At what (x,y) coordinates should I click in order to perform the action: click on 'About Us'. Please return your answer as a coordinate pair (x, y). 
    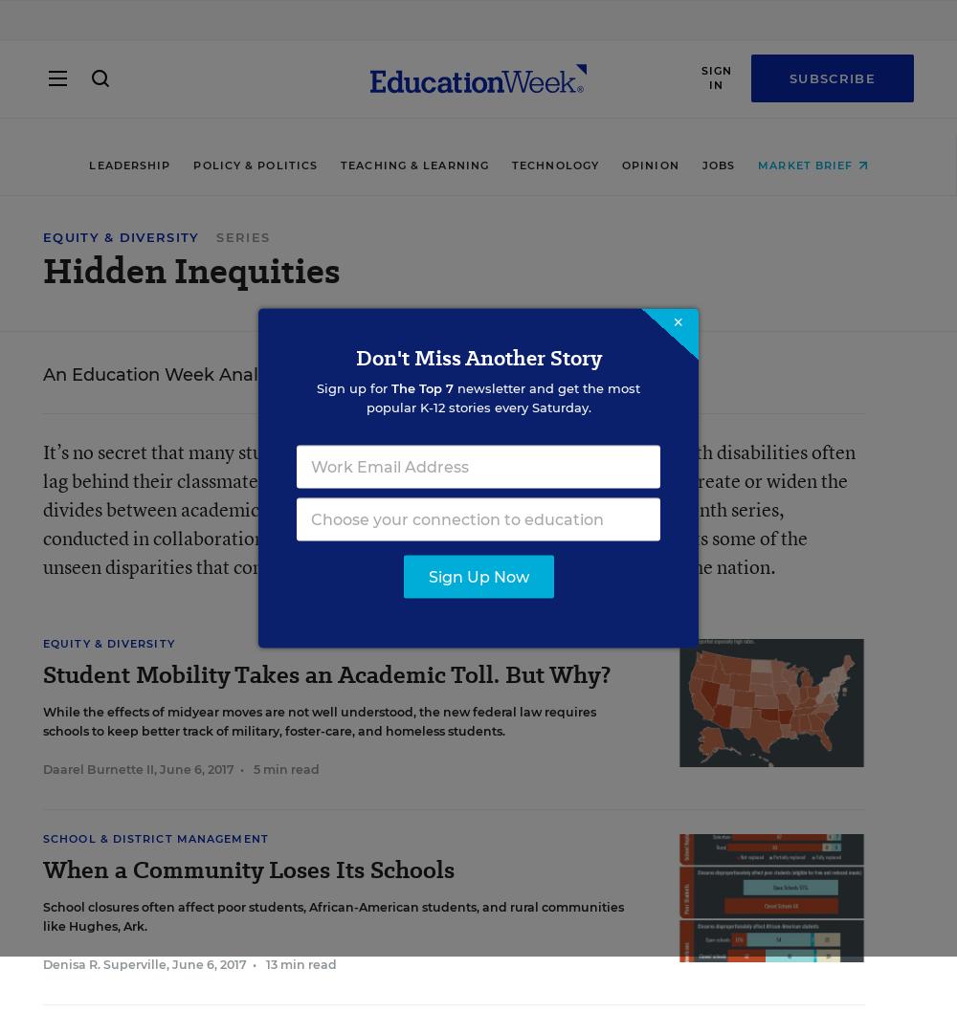
    Looking at the image, I should click on (43, 457).